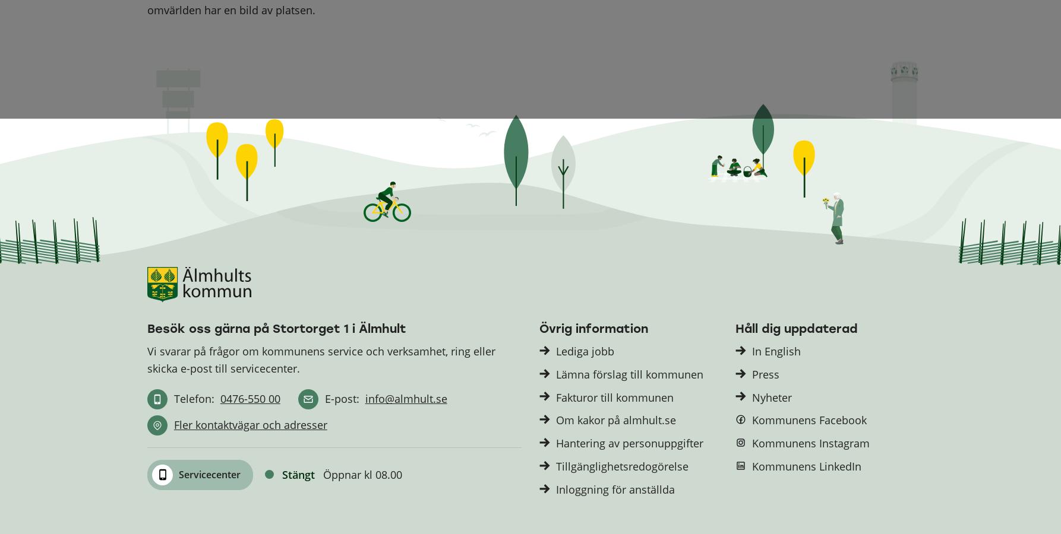 The image size is (1061, 534). Describe the element at coordinates (173, 399) in the screenshot. I see `'Telefon:'` at that location.